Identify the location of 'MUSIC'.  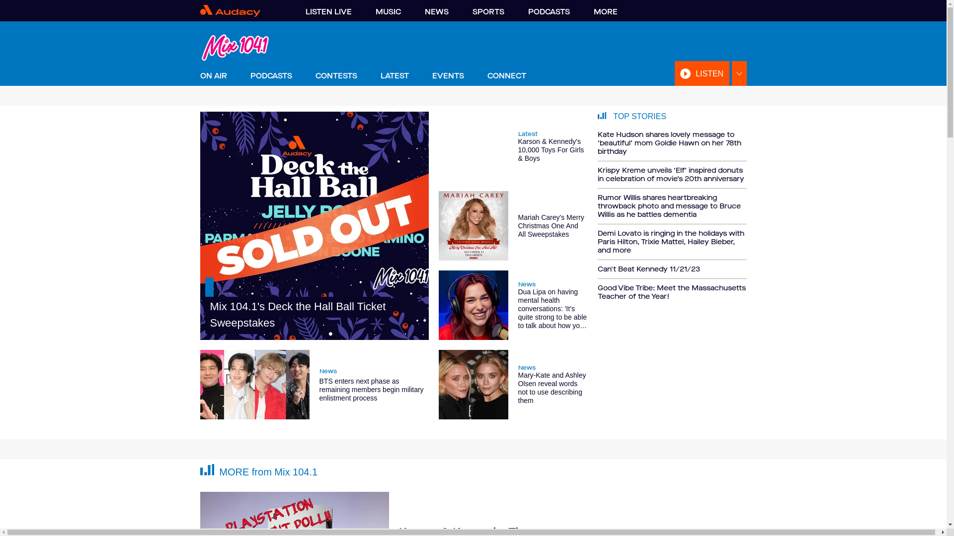
(388, 11).